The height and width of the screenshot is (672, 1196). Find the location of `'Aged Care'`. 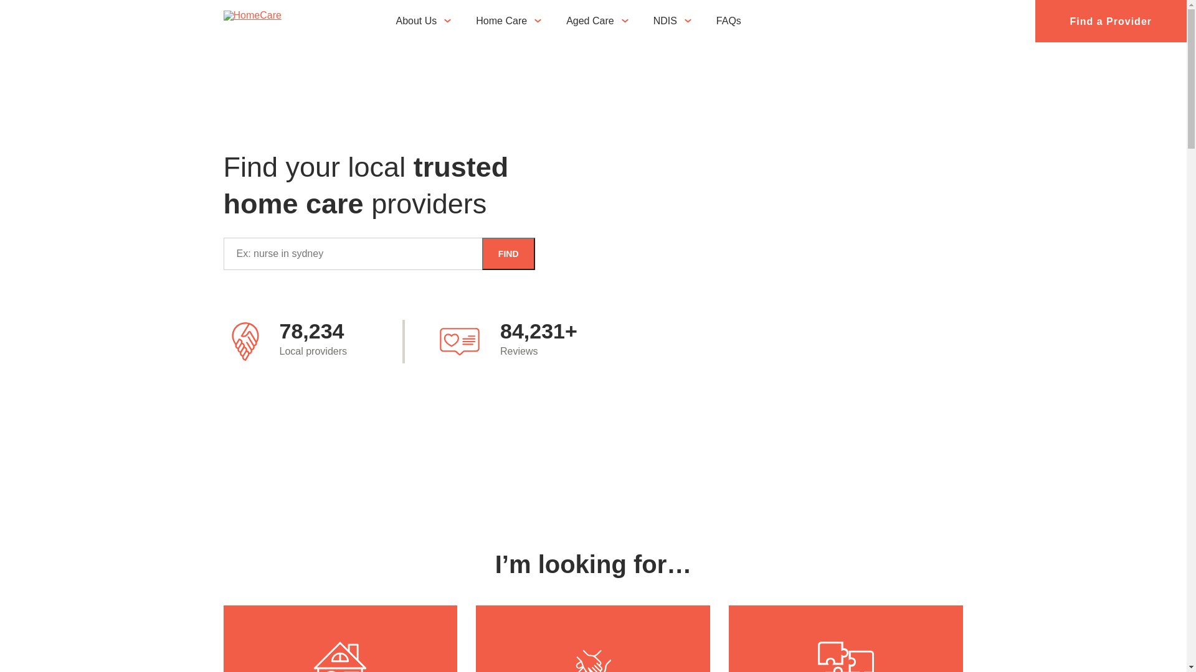

'Aged Care' is located at coordinates (596, 21).